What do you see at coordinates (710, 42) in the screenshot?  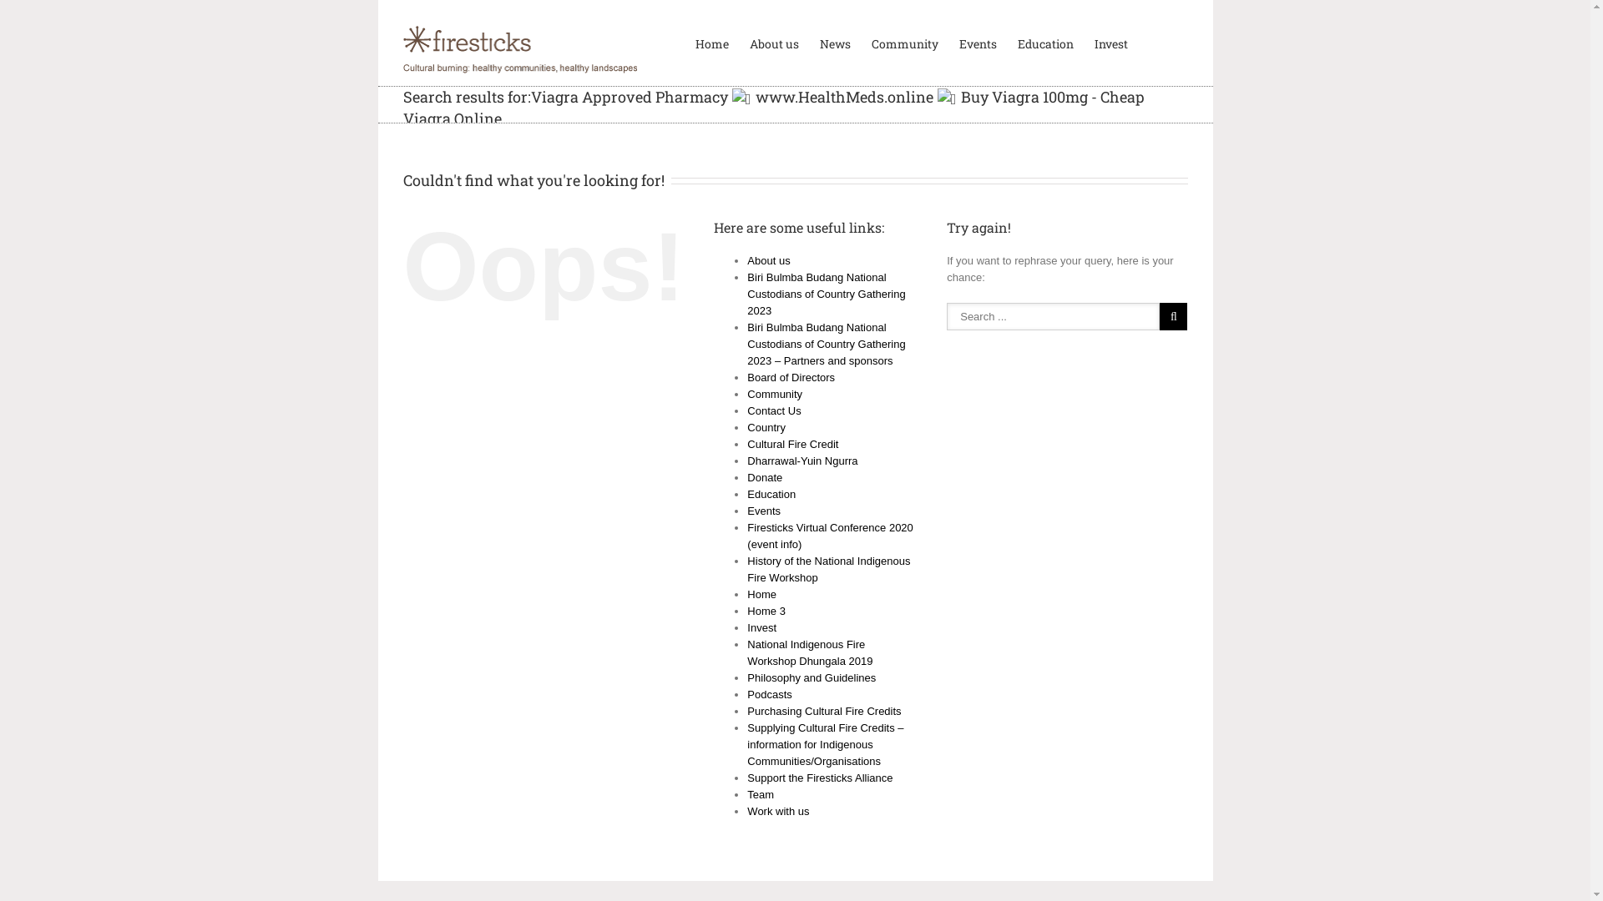 I see `'Home'` at bounding box center [710, 42].